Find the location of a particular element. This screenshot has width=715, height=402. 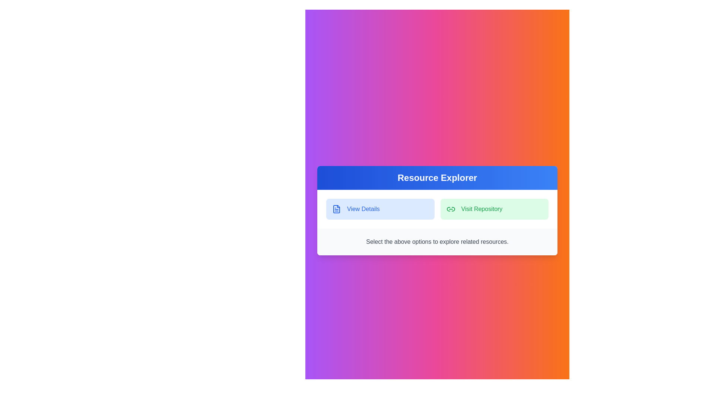

the decorative icon for the 'Visit Repository' action located within the interactive button in the second position under the 'Resource Explorer' title is located at coordinates (450, 209).